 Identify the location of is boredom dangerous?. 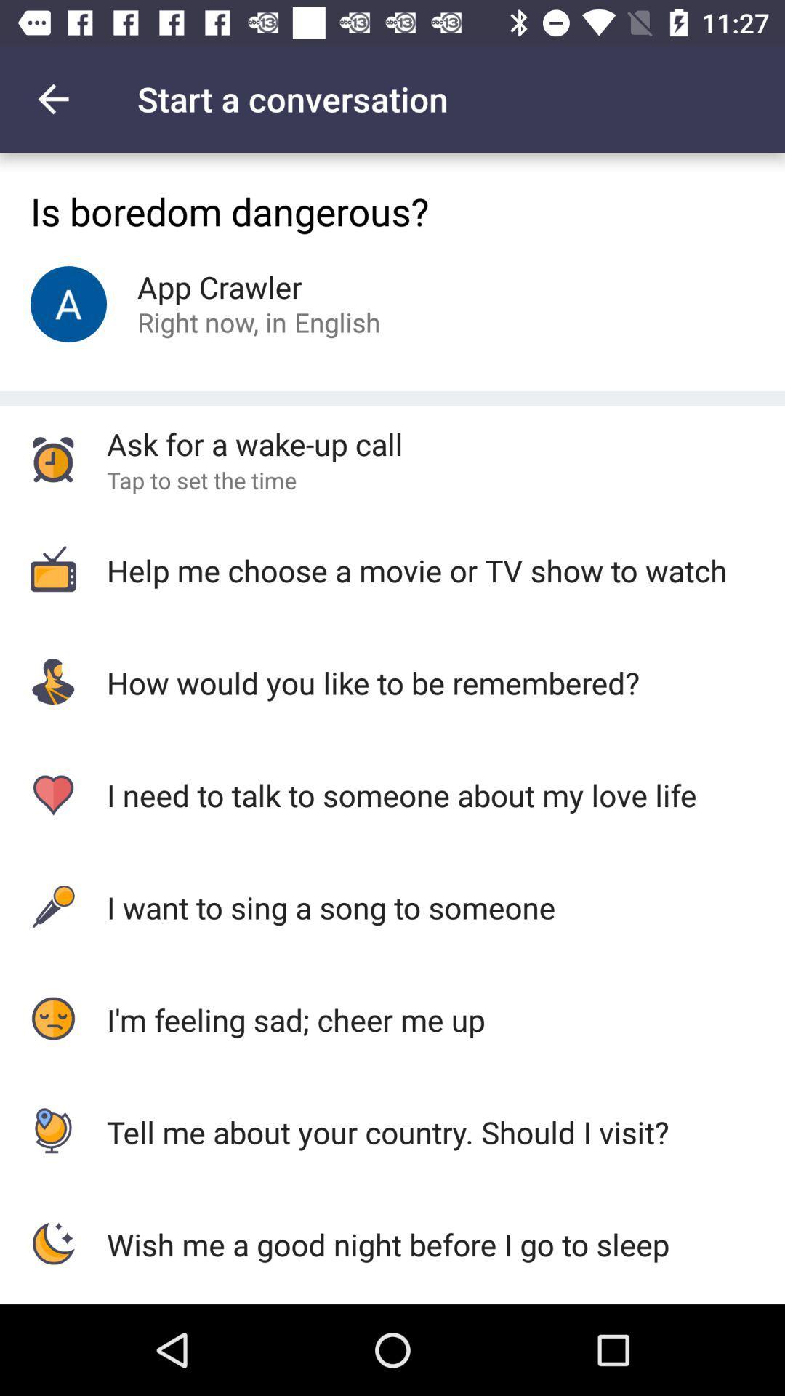
(392, 209).